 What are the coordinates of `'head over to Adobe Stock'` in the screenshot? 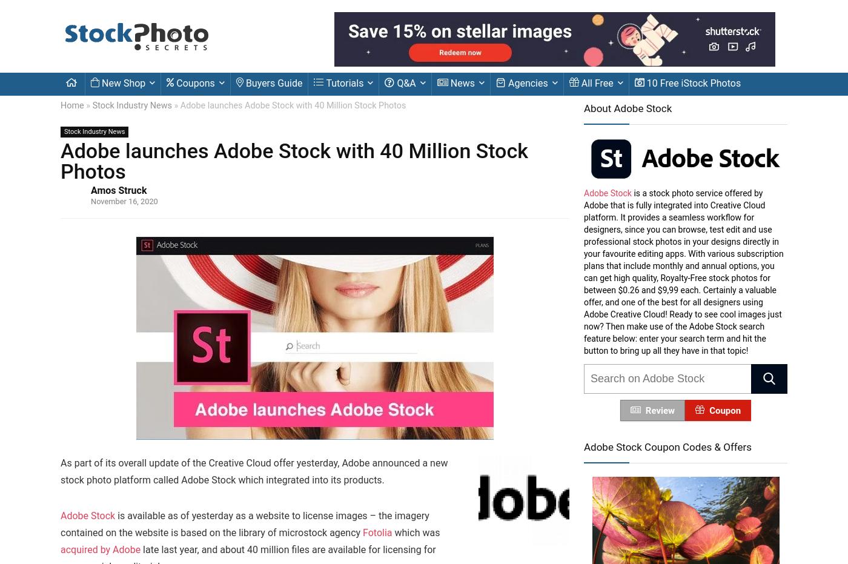 It's located at (279, 208).